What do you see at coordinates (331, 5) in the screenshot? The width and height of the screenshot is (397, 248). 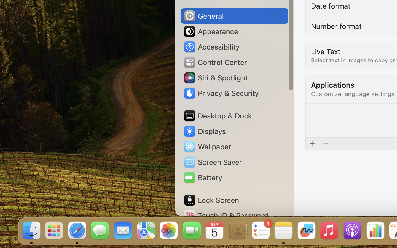 I see `'Date format'` at bounding box center [331, 5].